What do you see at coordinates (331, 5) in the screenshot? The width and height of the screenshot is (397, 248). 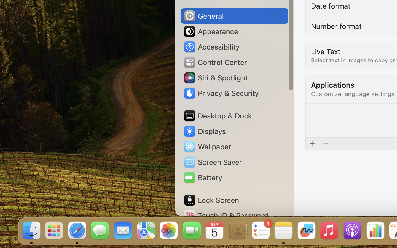 I see `'Date format'` at bounding box center [331, 5].